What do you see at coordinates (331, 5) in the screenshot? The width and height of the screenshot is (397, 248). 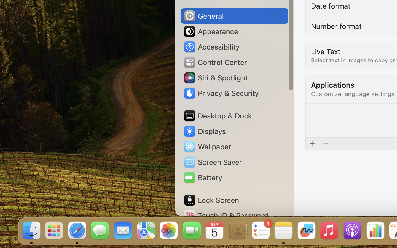 I see `'Date format'` at bounding box center [331, 5].